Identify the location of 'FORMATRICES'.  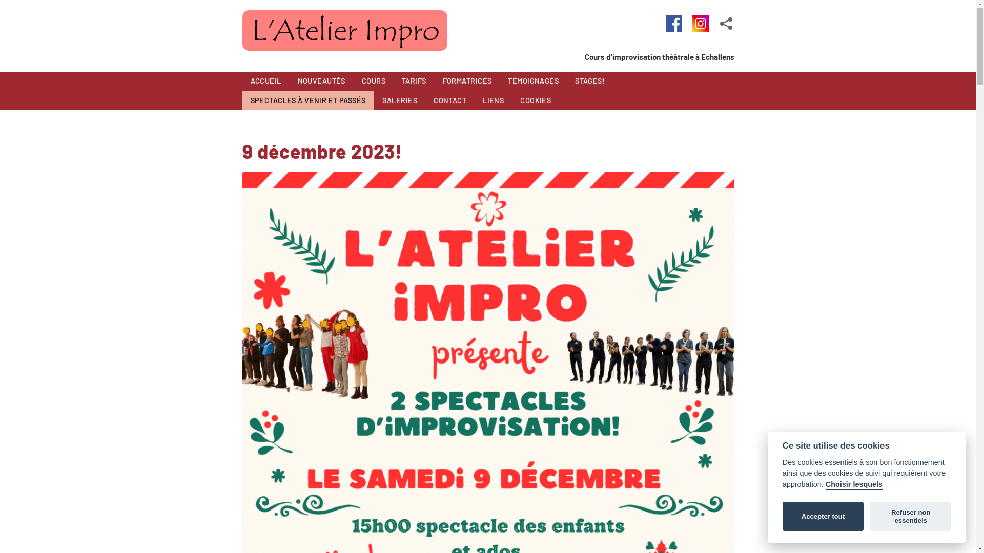
(435, 80).